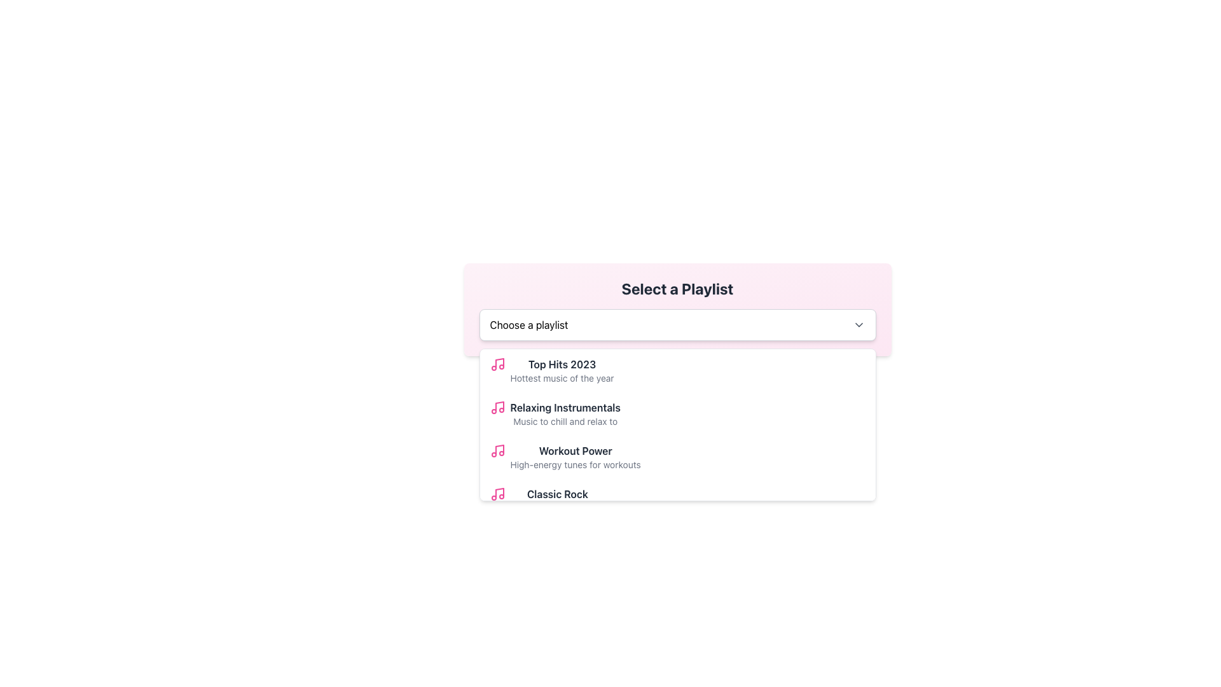 The height and width of the screenshot is (687, 1221). Describe the element at coordinates (497, 493) in the screenshot. I see `the pink musical note icon located to the left of the 'Classic Rock' text in the bottom-most entry of the selectable playlist list` at that location.